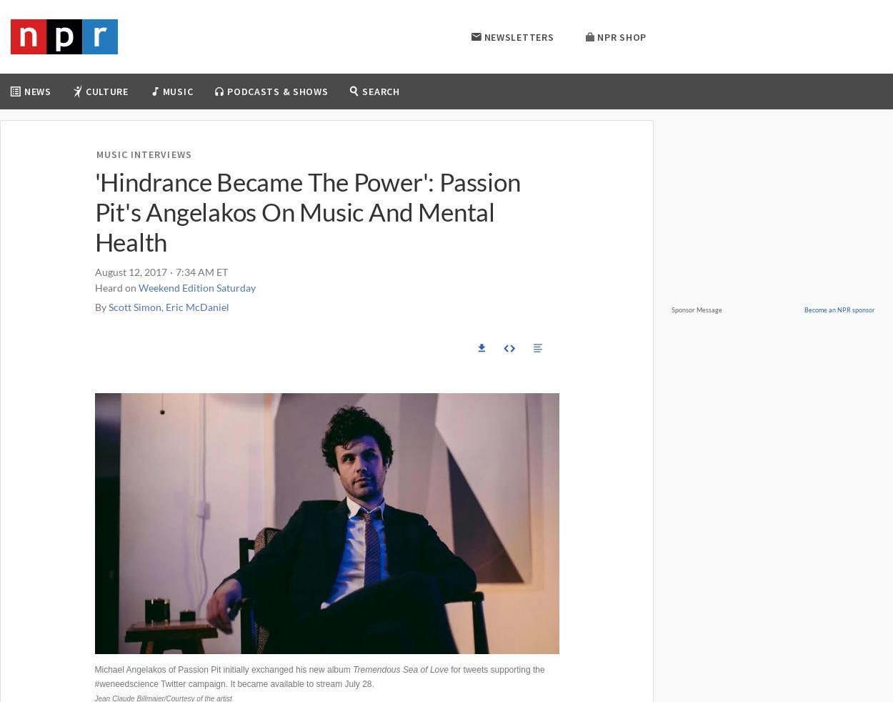 The image size is (893, 702). Describe the element at coordinates (31, 234) in the screenshot. I see `'Climate'` at that location.